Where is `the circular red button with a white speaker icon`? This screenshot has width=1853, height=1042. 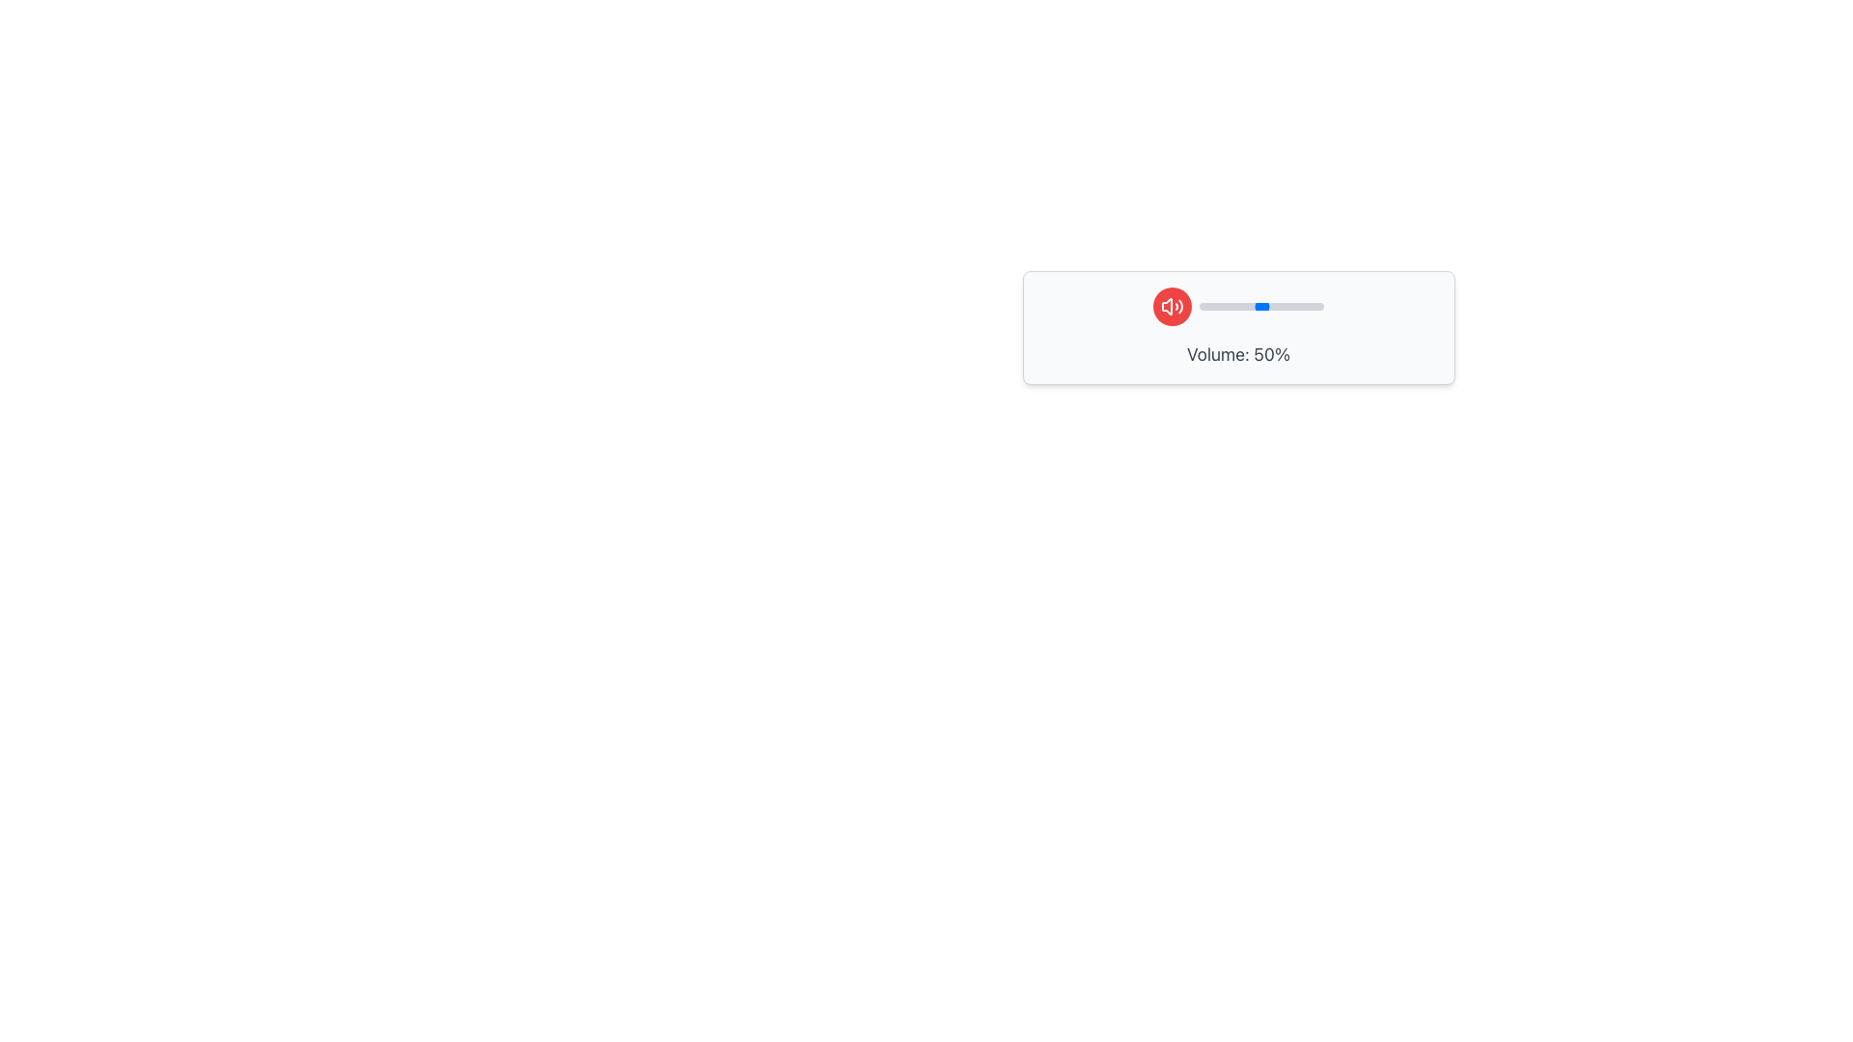
the circular red button with a white speaker icon is located at coordinates (1171, 305).